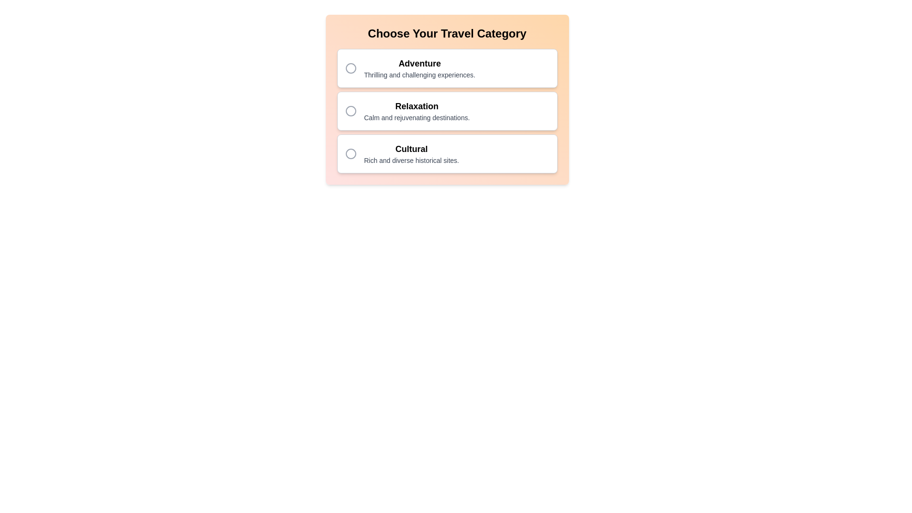  I want to click on the 'Relaxation' selectable item with a radio button, which is the second item in a list of categories, to trigger an additional focus effect, so click(446, 111).